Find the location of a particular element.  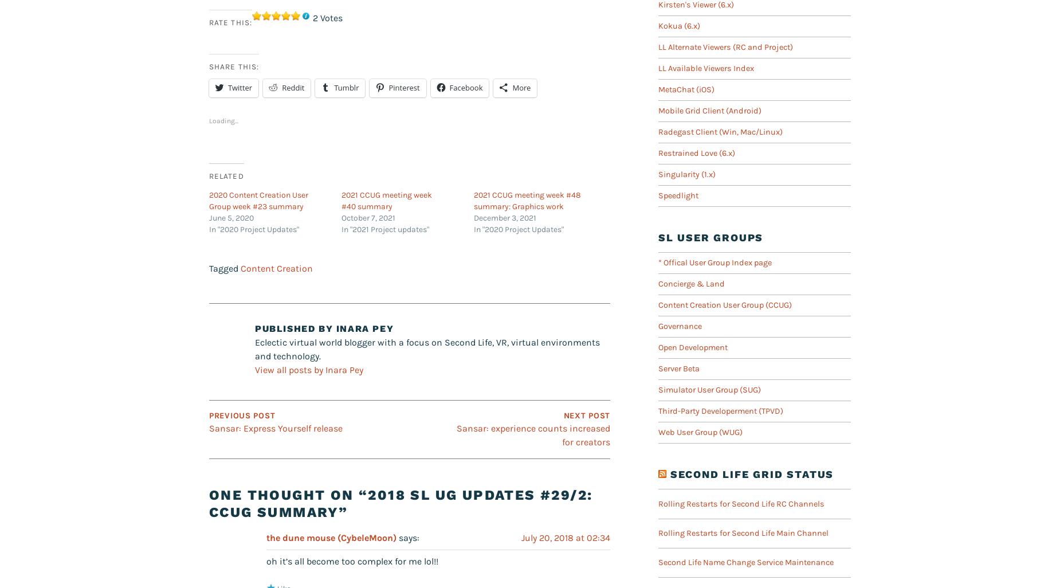

'Speedlight' is located at coordinates (678, 195).